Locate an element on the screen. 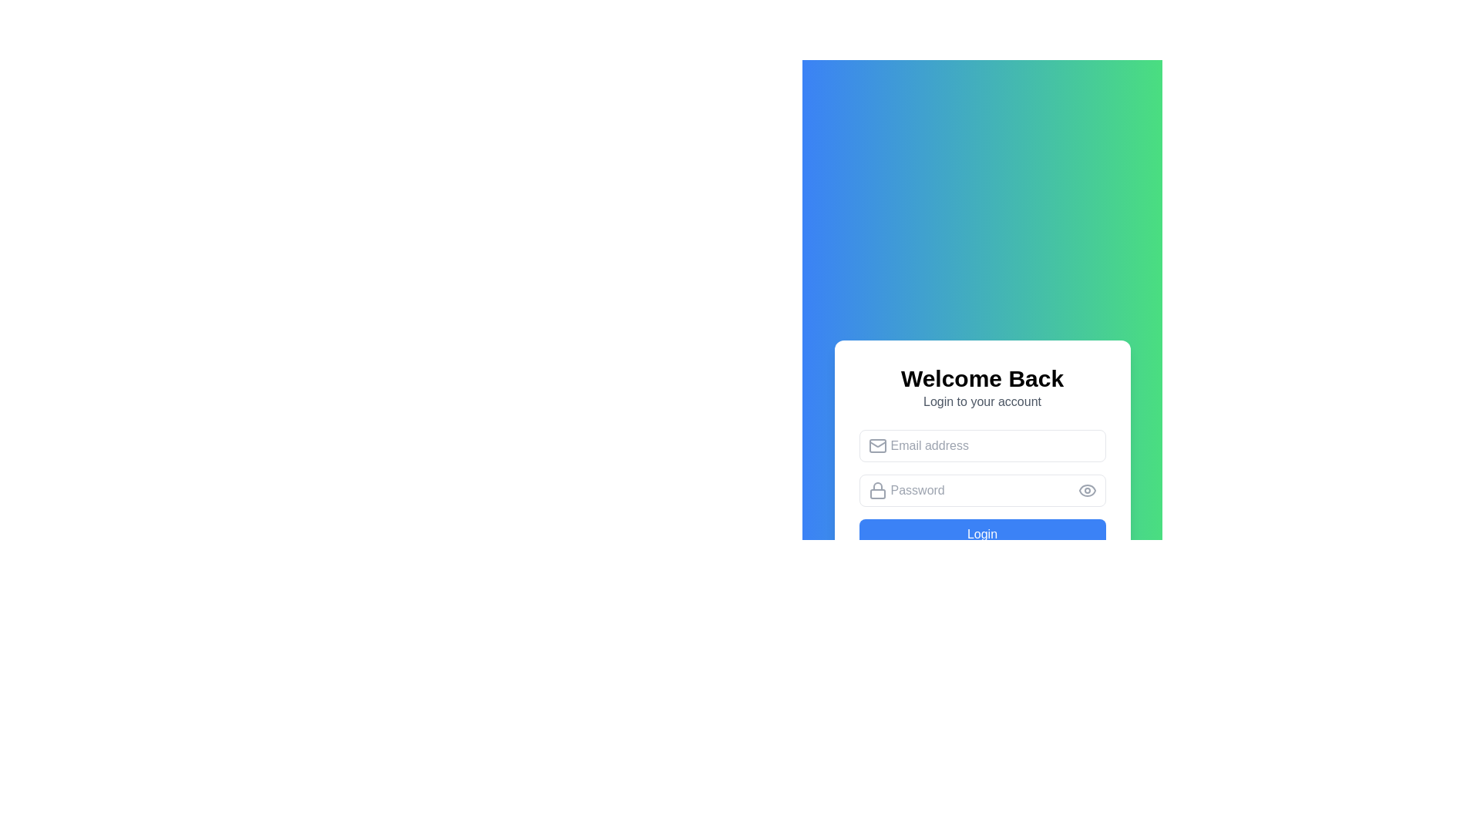 The width and height of the screenshot is (1480, 832). the submit button located at the bottom of the white card area is located at coordinates (981, 534).